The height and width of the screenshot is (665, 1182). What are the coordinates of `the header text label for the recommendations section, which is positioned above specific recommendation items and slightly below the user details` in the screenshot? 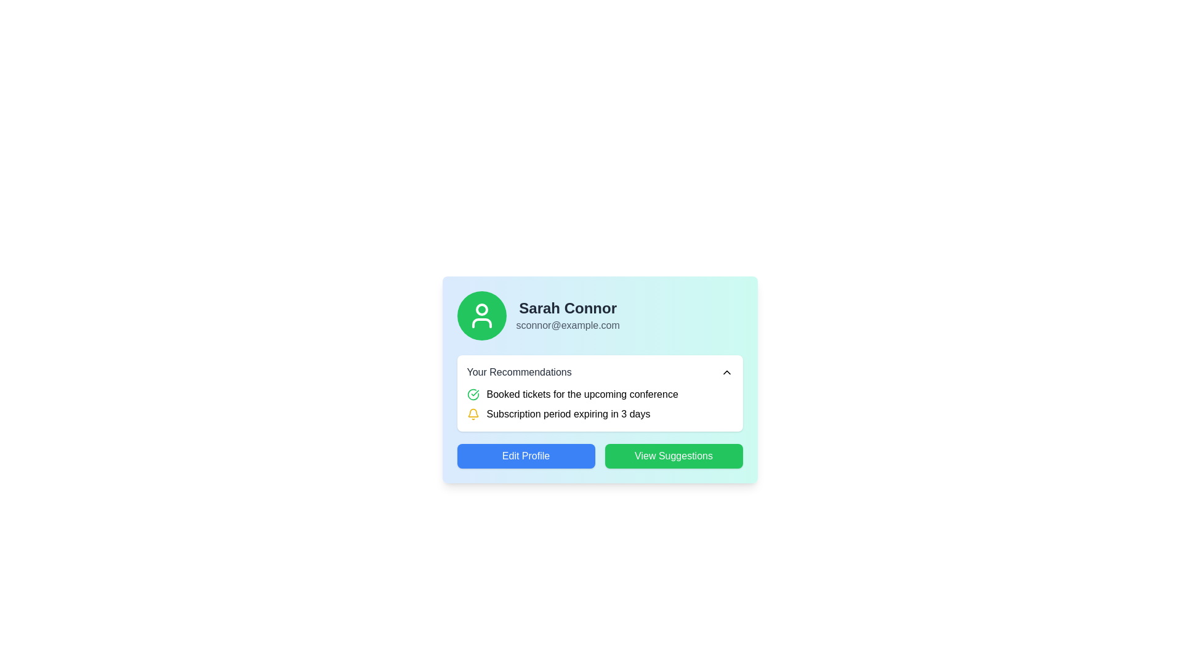 It's located at (519, 372).